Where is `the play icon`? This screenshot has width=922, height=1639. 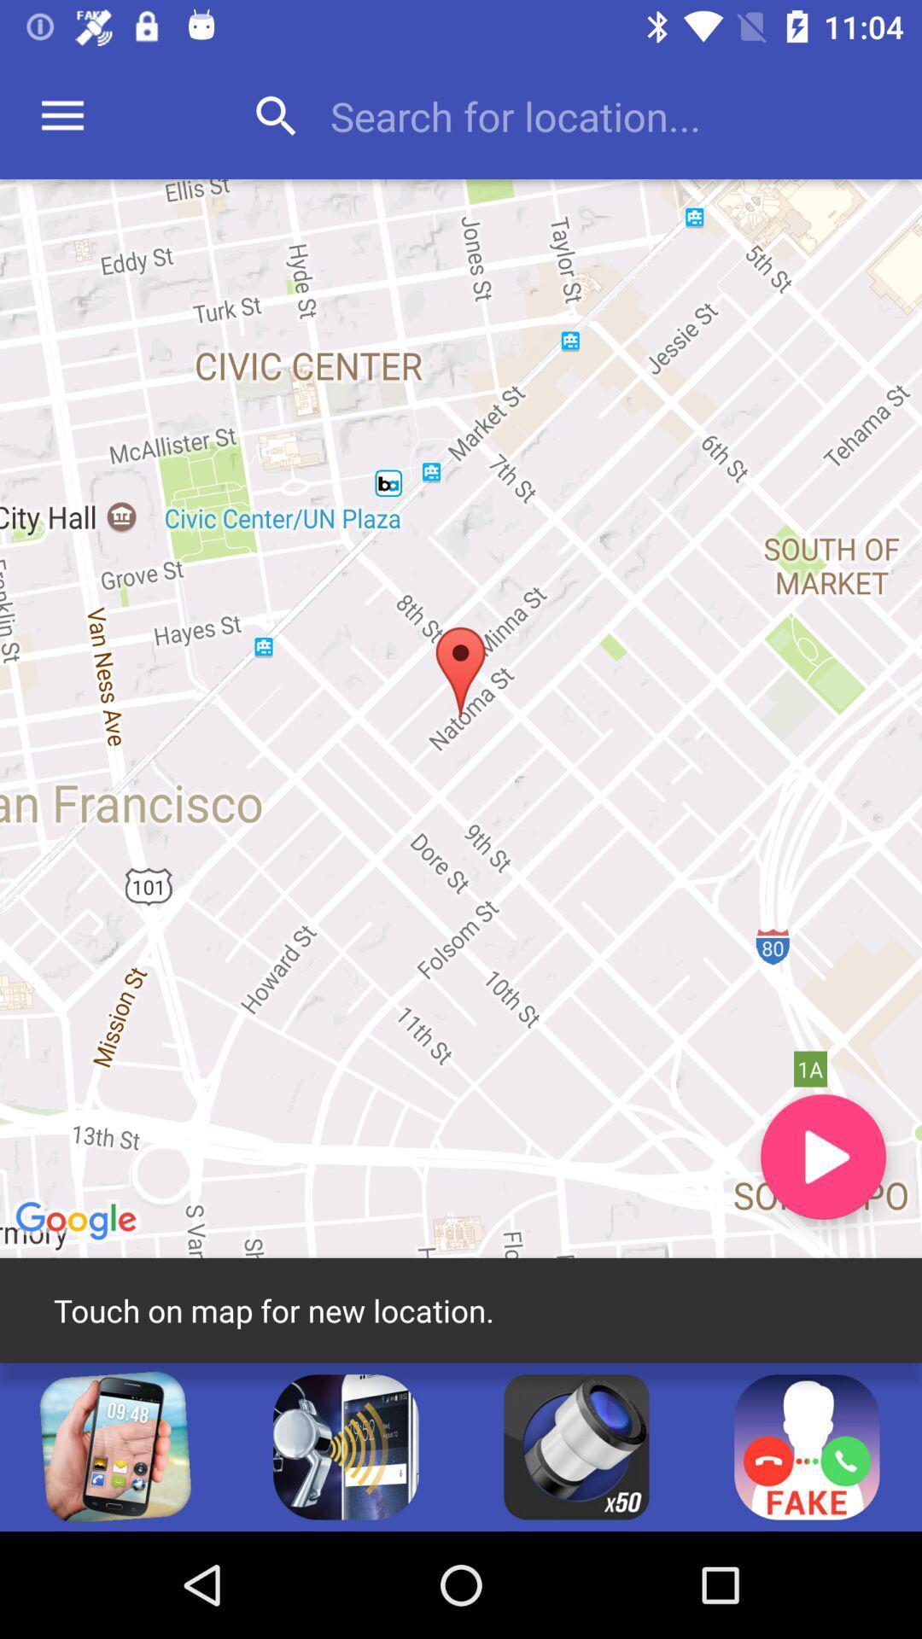
the play icon is located at coordinates (822, 1157).